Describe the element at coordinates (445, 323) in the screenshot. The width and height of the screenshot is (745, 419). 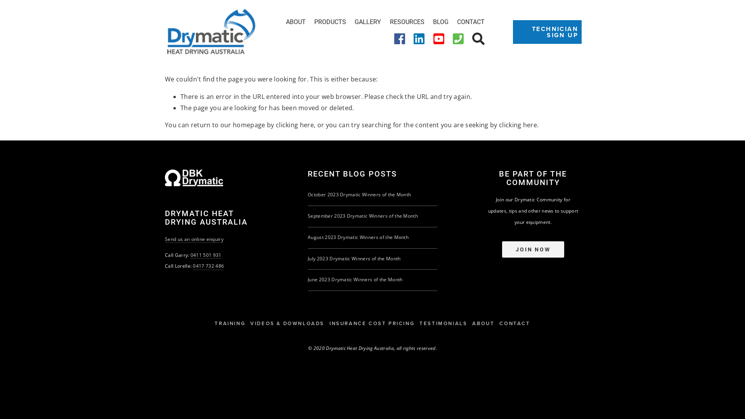
I see `'TESTIMONIALS'` at that location.